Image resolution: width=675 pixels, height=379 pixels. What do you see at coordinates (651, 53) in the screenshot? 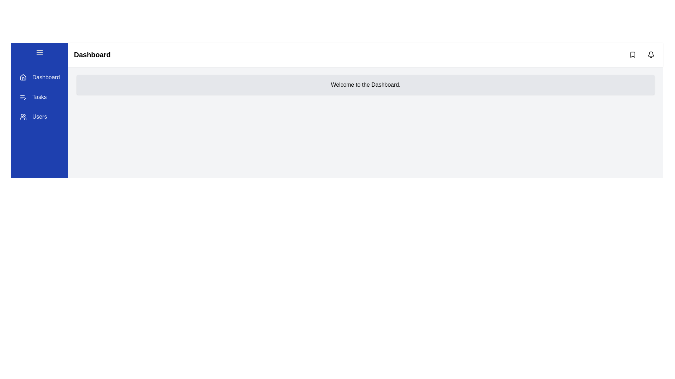
I see `the bell-shaped notification icon located in the top-right corner of the interface by clicking on its center` at bounding box center [651, 53].